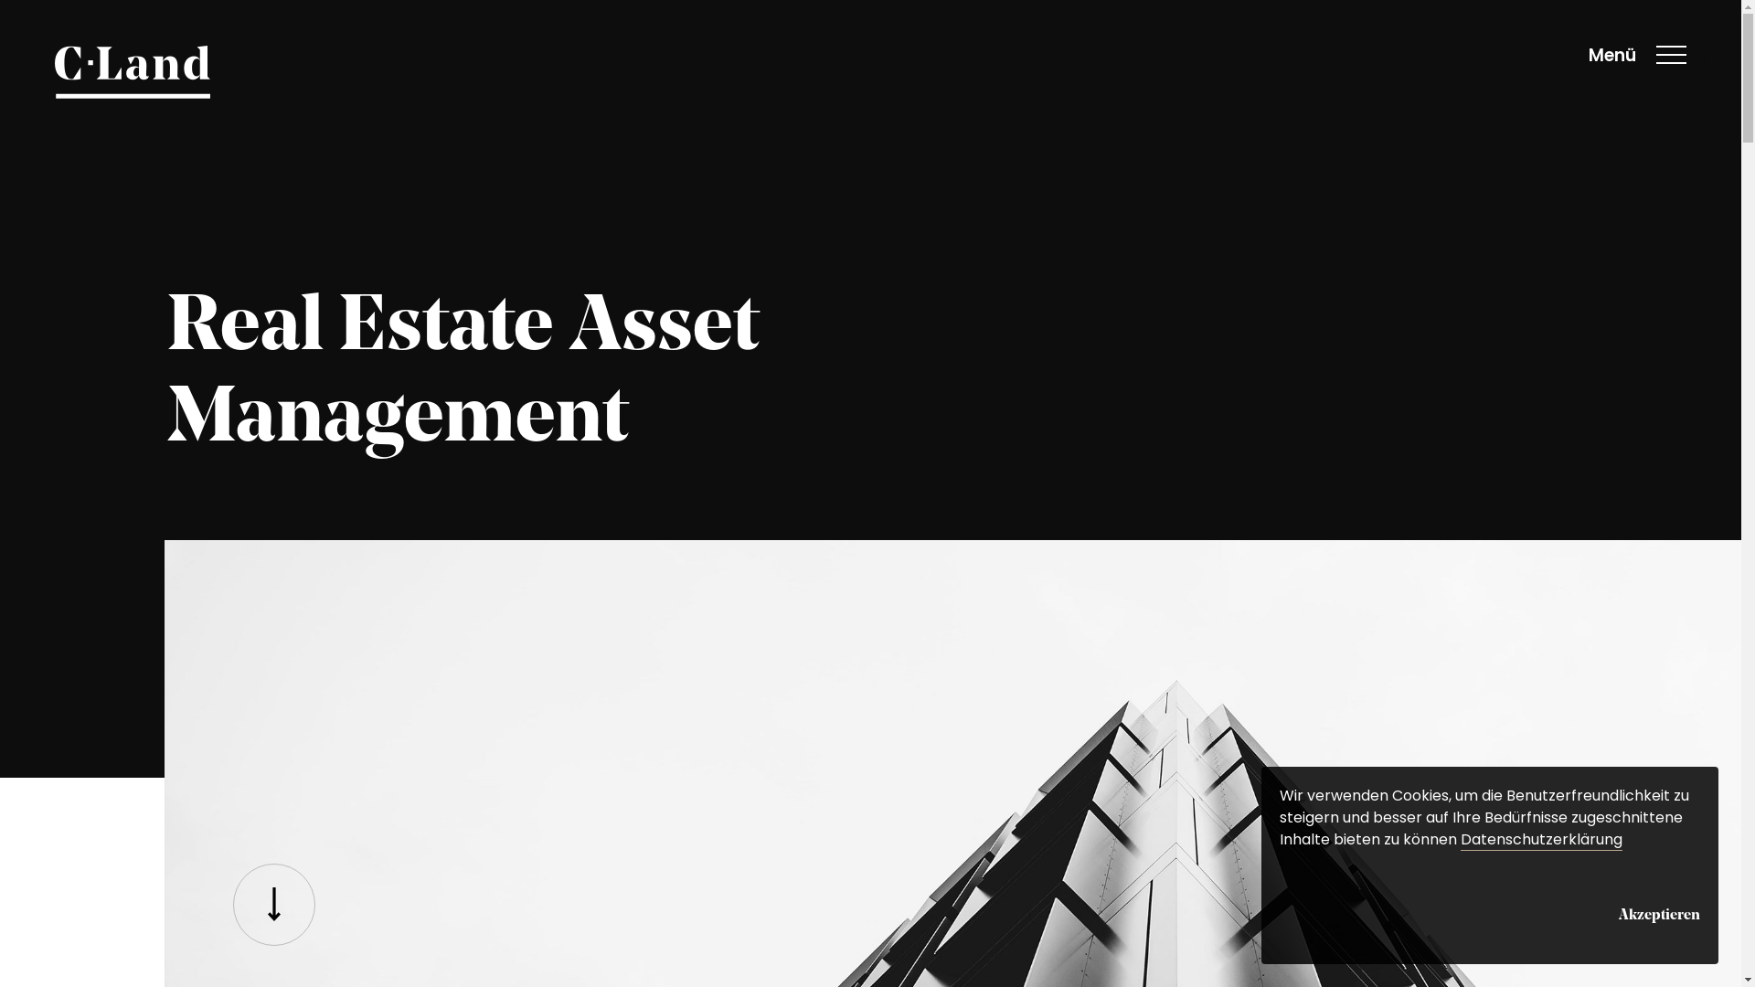 The height and width of the screenshot is (987, 1755). What do you see at coordinates (1619, 912) in the screenshot?
I see `'Akzeptieren'` at bounding box center [1619, 912].